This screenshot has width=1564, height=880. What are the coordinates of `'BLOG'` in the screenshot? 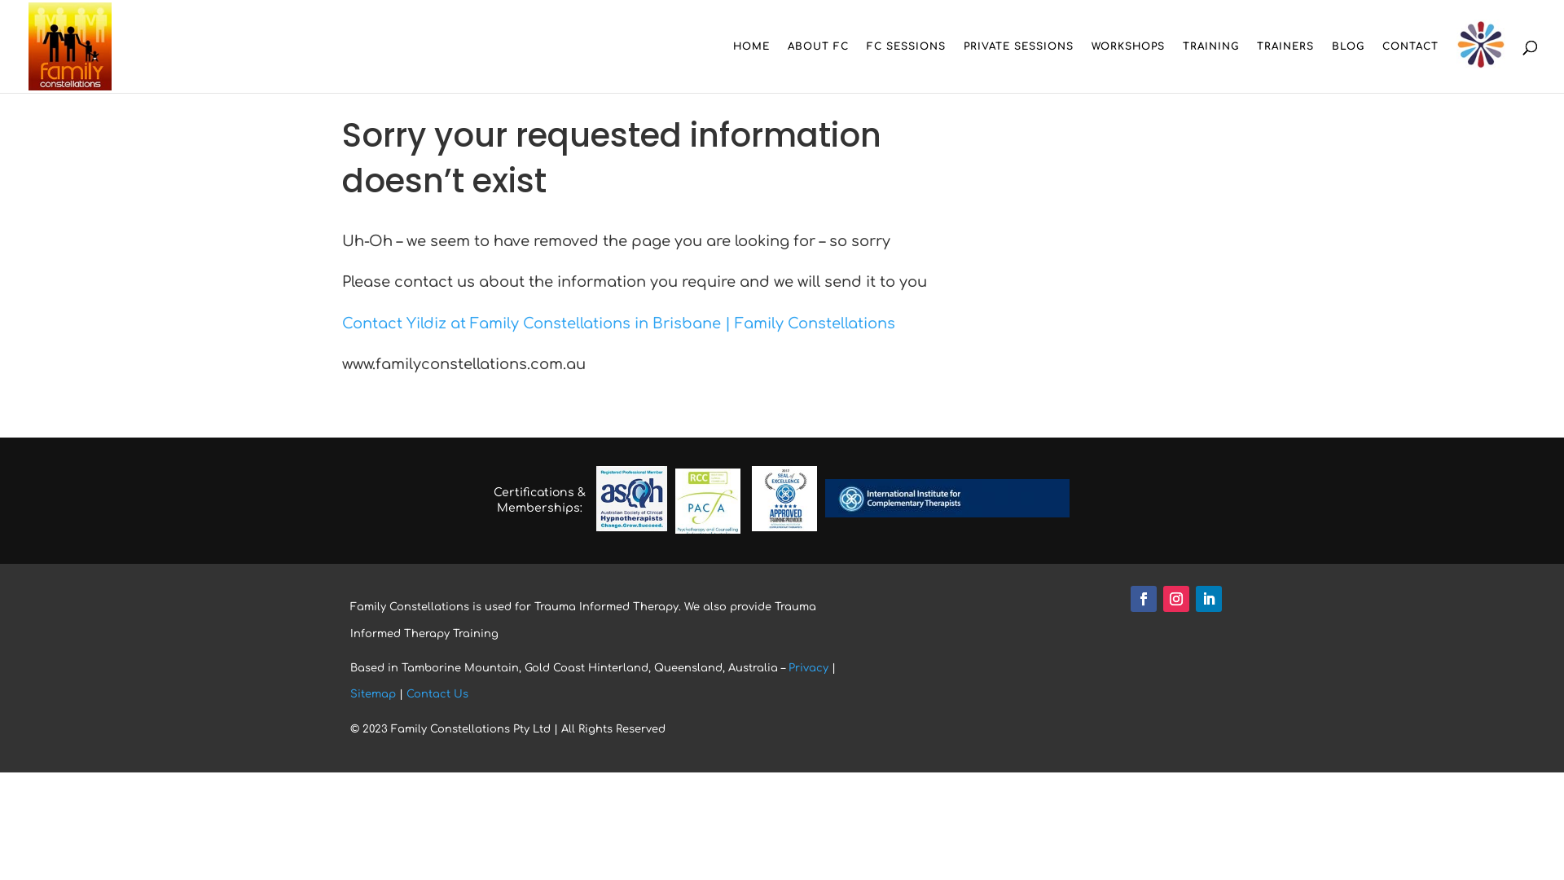 It's located at (1332, 65).